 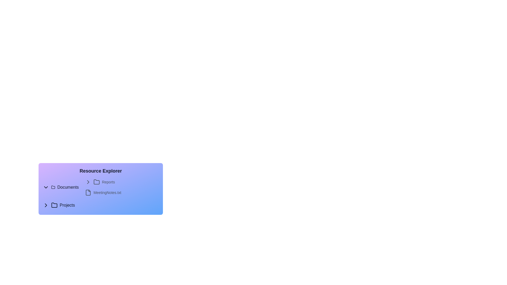 What do you see at coordinates (101, 187) in the screenshot?
I see `the list item labeled 'DocumentsReportsMeetingNotes.txt'` at bounding box center [101, 187].